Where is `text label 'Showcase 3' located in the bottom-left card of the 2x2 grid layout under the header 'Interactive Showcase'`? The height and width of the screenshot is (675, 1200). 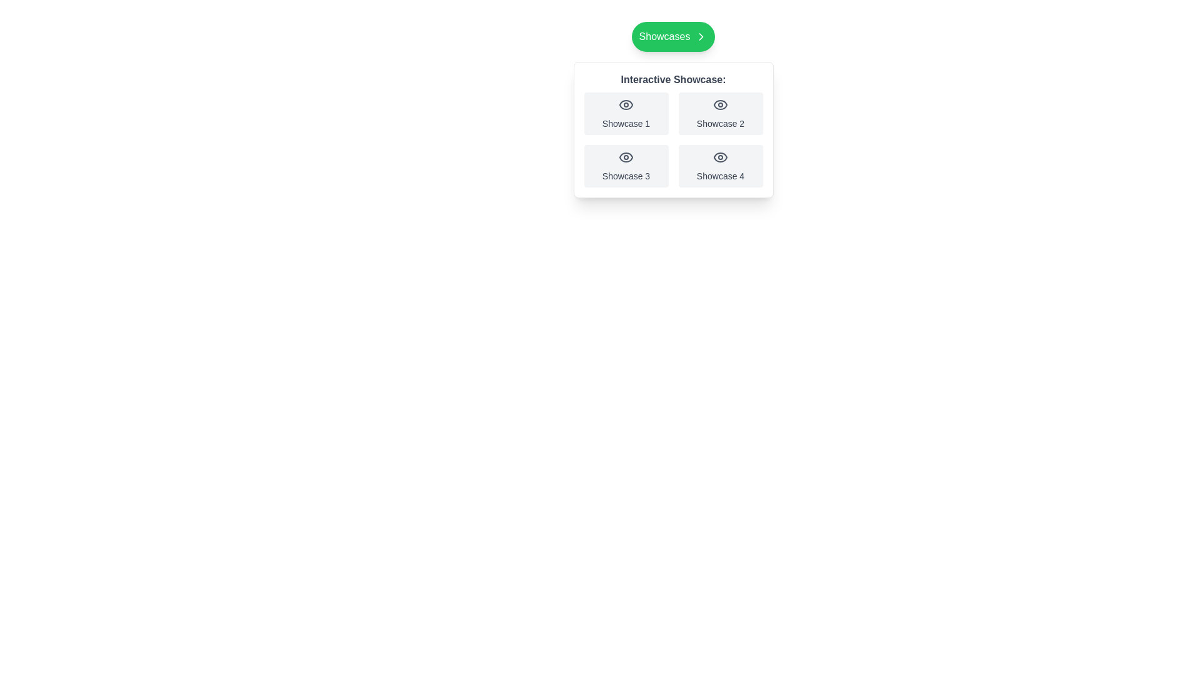 text label 'Showcase 3' located in the bottom-left card of the 2x2 grid layout under the header 'Interactive Showcase' is located at coordinates (626, 176).